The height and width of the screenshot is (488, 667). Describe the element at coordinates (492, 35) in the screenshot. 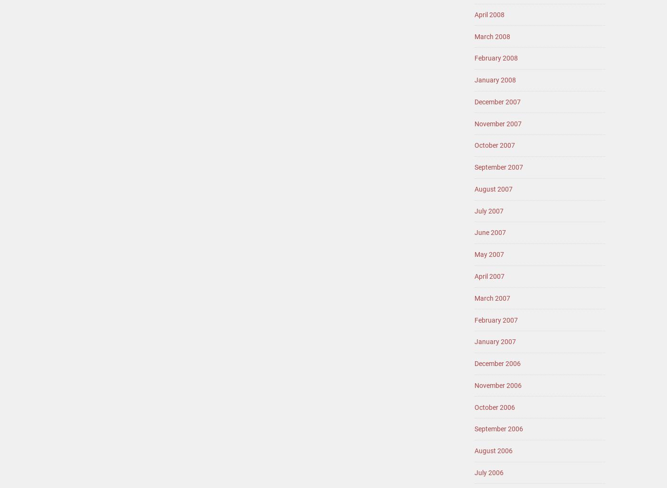

I see `'March 2008'` at that location.